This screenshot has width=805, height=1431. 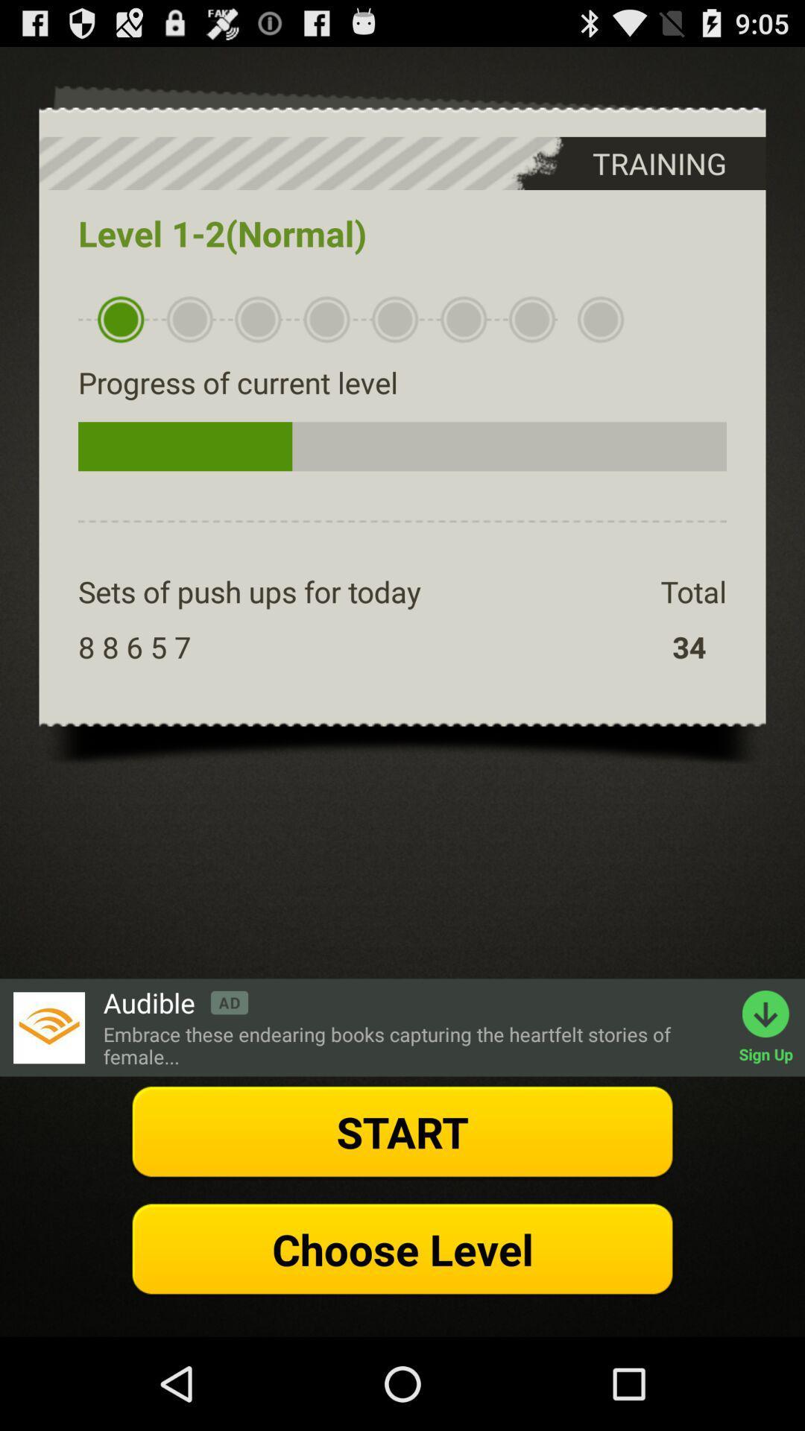 I want to click on the text sign up which is in green color, so click(x=771, y=1026).